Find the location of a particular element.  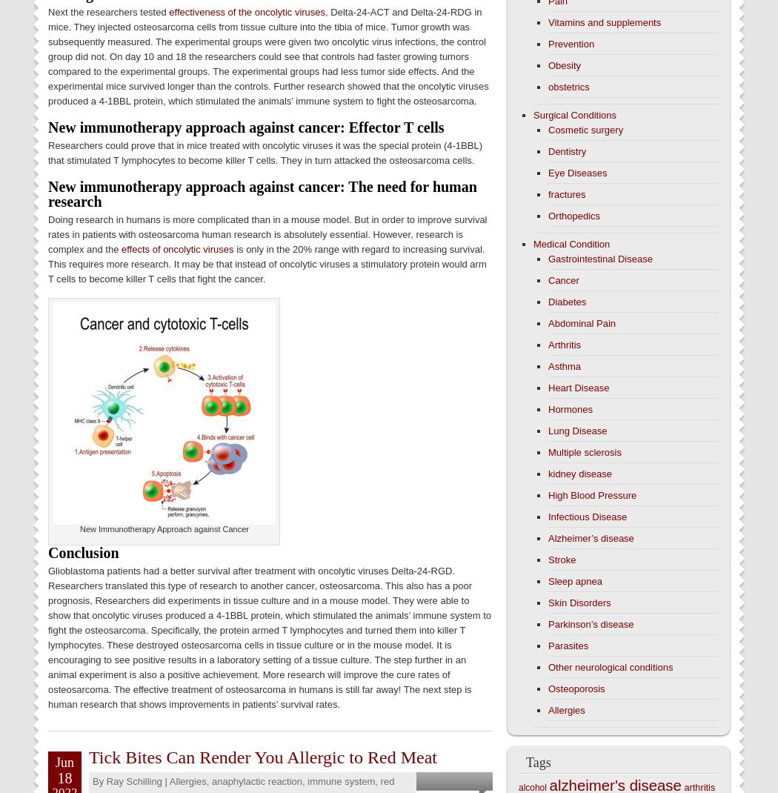

'Parasites' is located at coordinates (548, 646).